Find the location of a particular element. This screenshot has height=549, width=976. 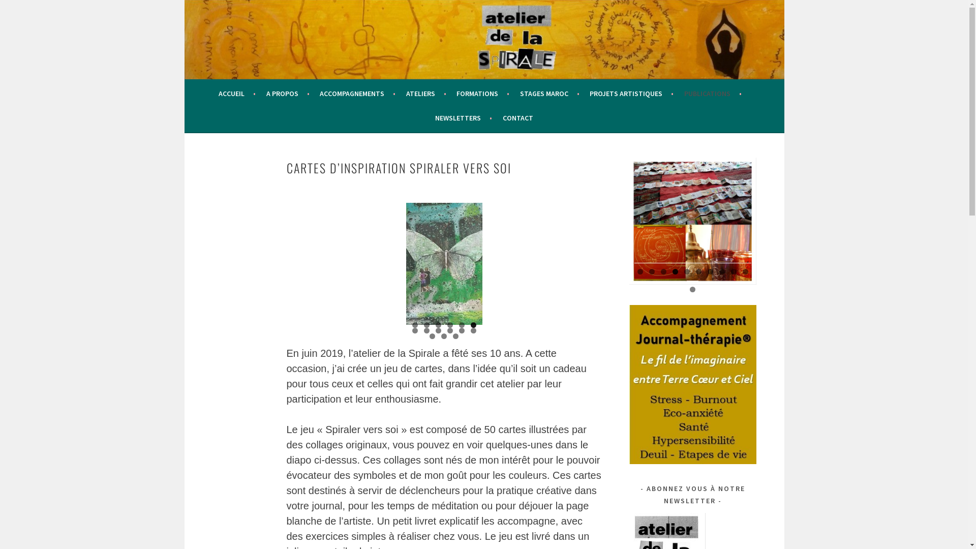

'14' is located at coordinates (444, 336).